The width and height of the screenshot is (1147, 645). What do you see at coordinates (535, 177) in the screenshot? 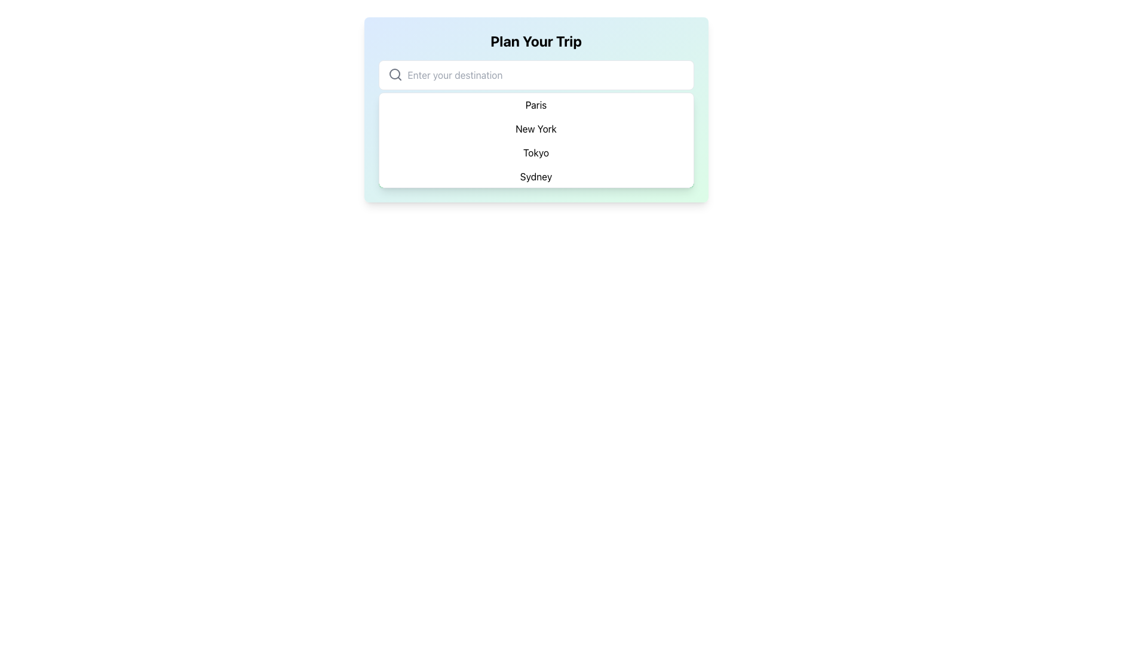
I see `the text label displaying 'Sydney' which is the fourth item in a dropdown menu list` at bounding box center [535, 177].